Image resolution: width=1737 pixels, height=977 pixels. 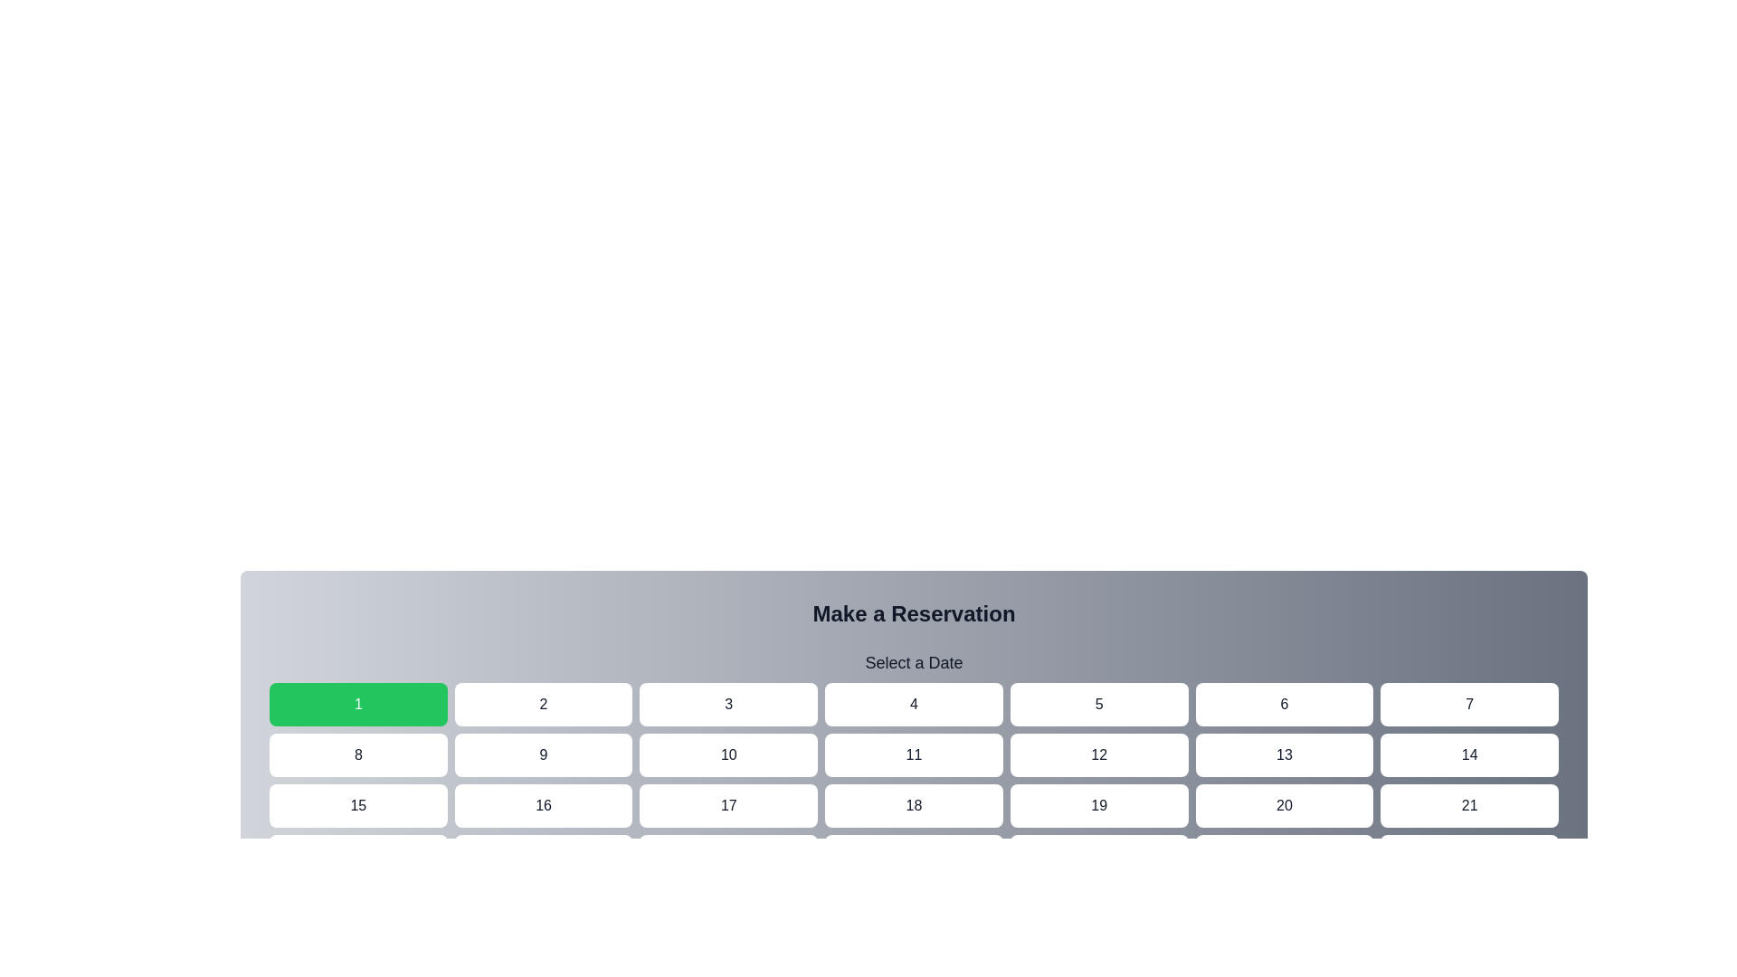 I want to click on the button displaying the number '21' located in the seventh column of the fourth row of the grid layout, so click(x=1469, y=805).